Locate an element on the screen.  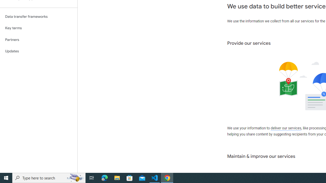
'Data transfer frameworks' is located at coordinates (38, 16).